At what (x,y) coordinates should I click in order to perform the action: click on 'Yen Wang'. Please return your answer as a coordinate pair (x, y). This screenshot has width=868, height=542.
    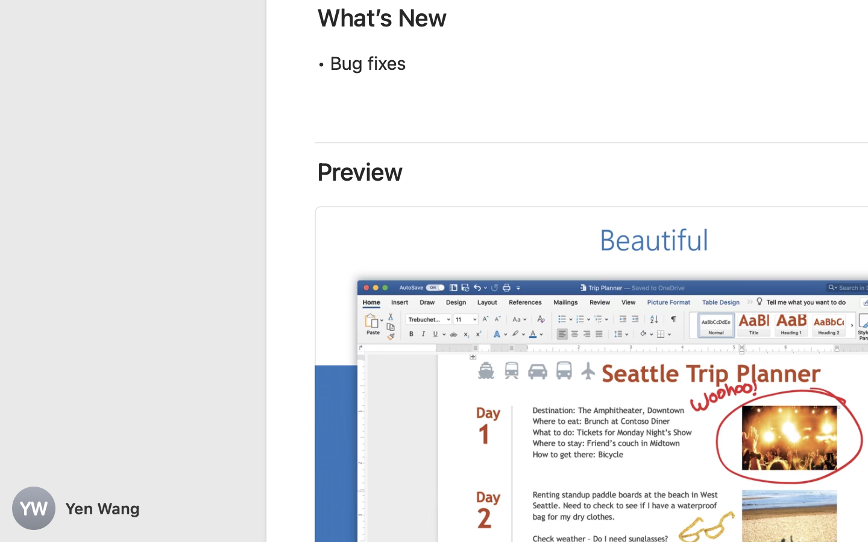
    Looking at the image, I should click on (133, 508).